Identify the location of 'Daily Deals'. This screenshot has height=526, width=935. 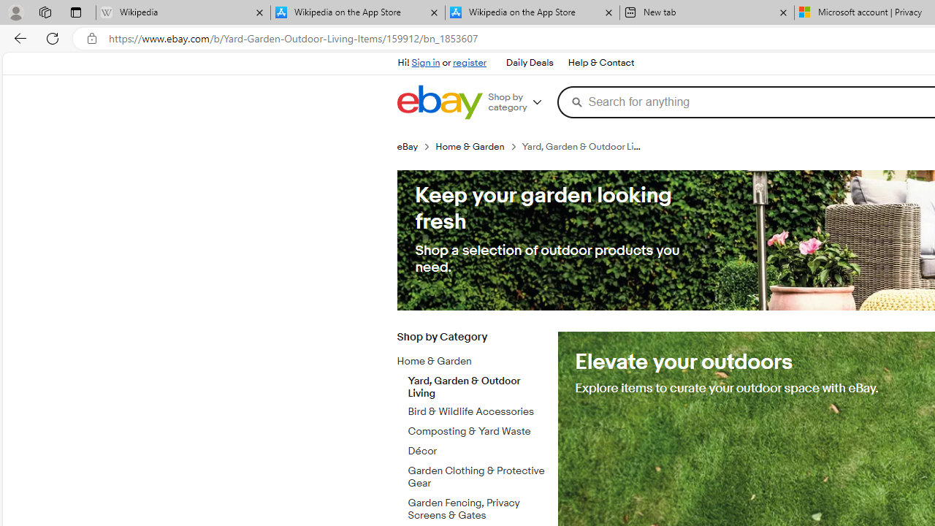
(528, 62).